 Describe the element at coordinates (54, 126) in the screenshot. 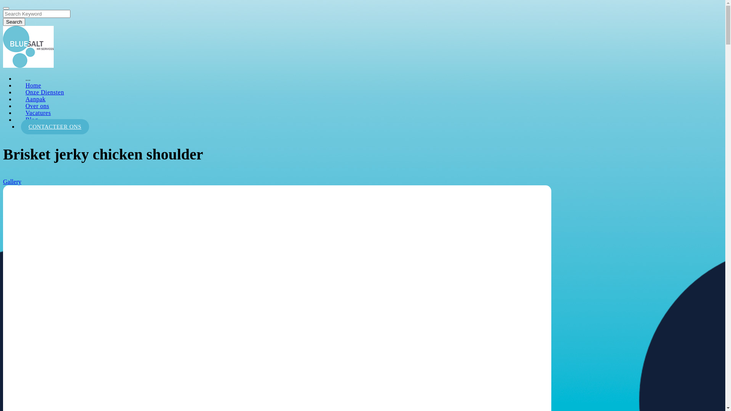

I see `'CONTACTEER ONS'` at that location.